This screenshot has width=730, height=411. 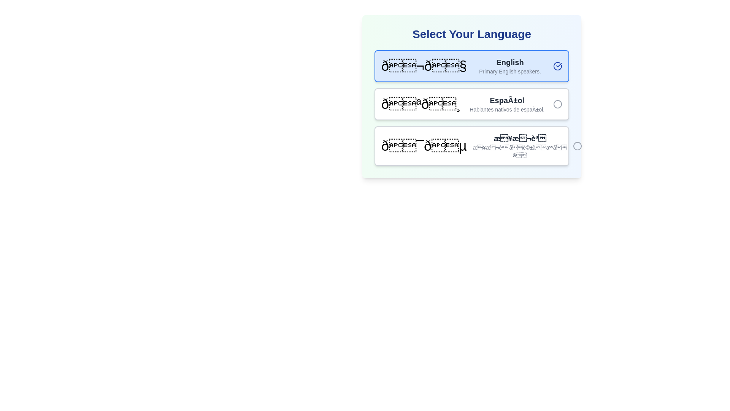 I want to click on the Composite text block containing the bold word 'English' and the supporting text 'Primary English speakers.', so click(x=510, y=65).